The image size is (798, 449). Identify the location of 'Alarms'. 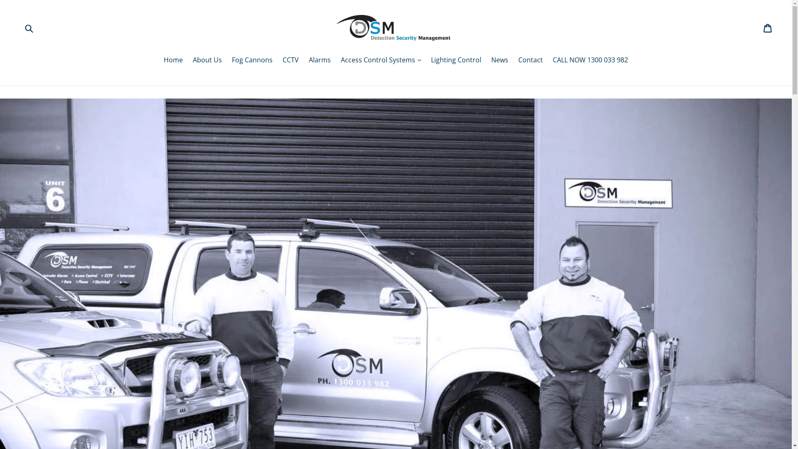
(304, 60).